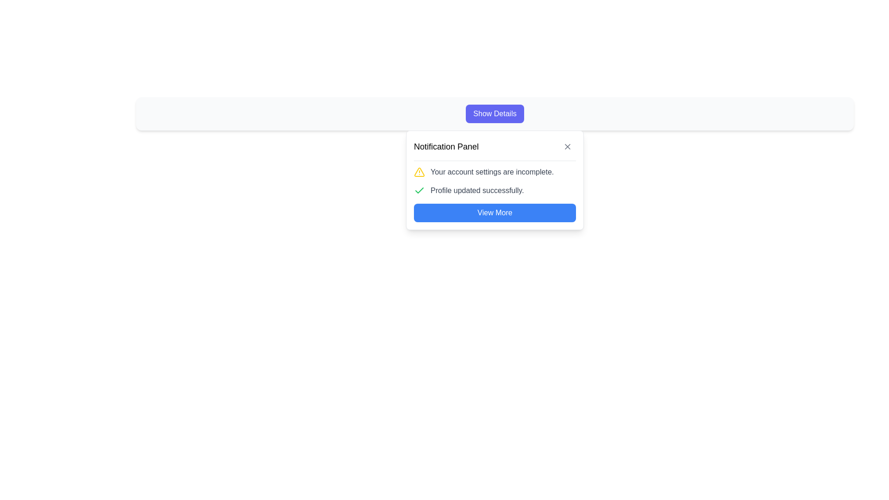 Image resolution: width=889 pixels, height=500 pixels. What do you see at coordinates (495, 212) in the screenshot?
I see `the 'View More' button, which is a rectangular button with a blue background and white text, located at the bottom of the Notification Panel` at bounding box center [495, 212].